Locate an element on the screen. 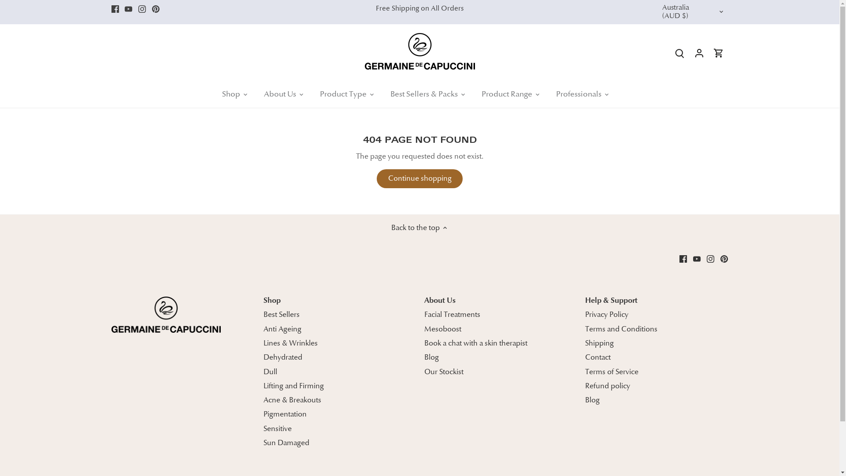 This screenshot has height=476, width=846. 'Acne & Breakouts' is located at coordinates (263, 400).